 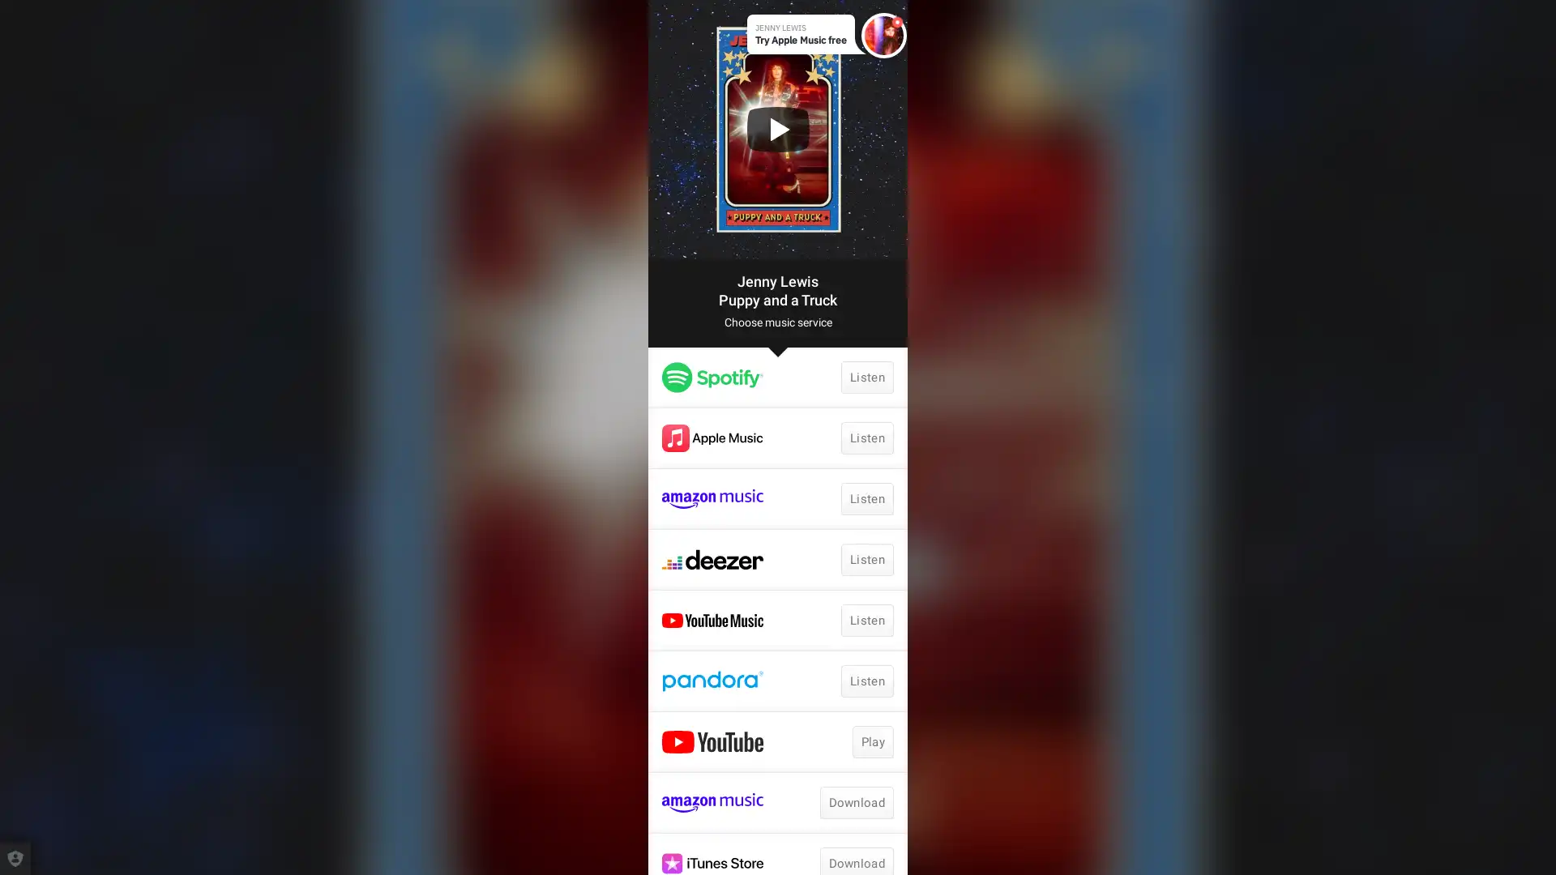 I want to click on Listen, so click(x=866, y=498).